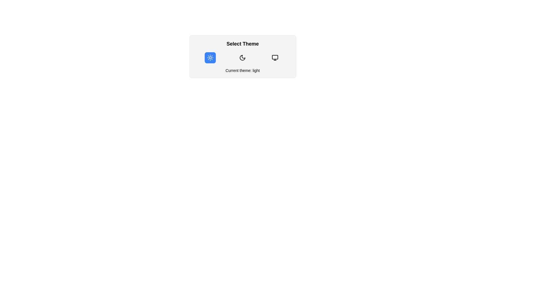 The height and width of the screenshot is (300, 534). Describe the element at coordinates (243, 57) in the screenshot. I see `the middle icon of the theme selection component` at that location.